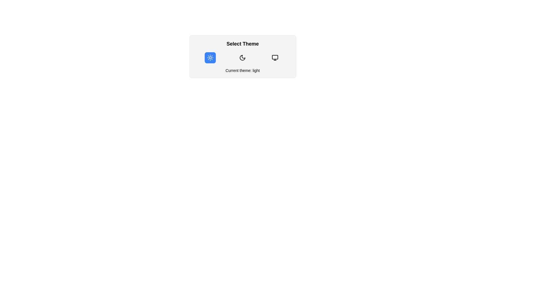 The height and width of the screenshot is (300, 534). Describe the element at coordinates (243, 57) in the screenshot. I see `the middle icon of the theme selection component` at that location.